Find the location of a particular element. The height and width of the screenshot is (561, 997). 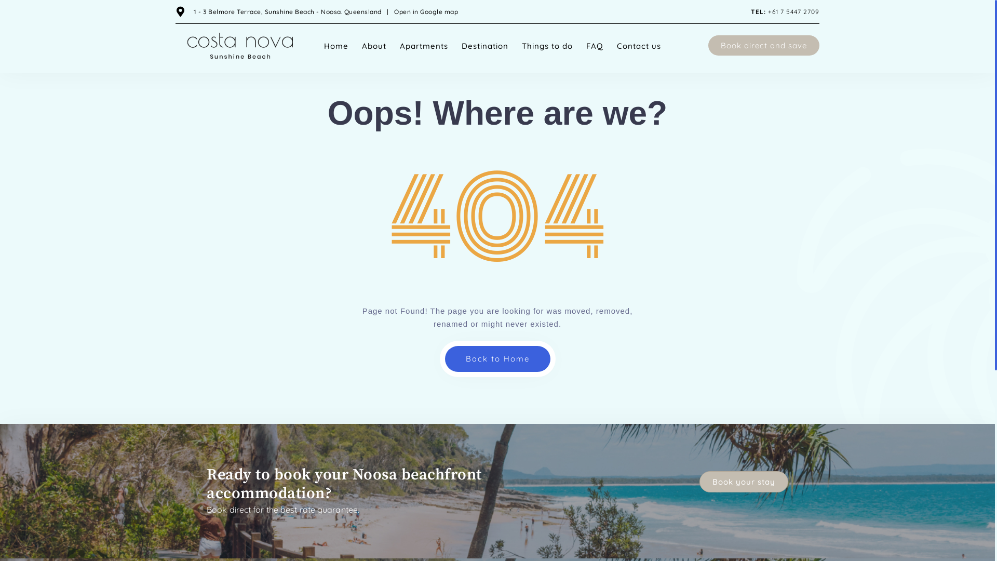

'Back to Home' is located at coordinates (496, 358).